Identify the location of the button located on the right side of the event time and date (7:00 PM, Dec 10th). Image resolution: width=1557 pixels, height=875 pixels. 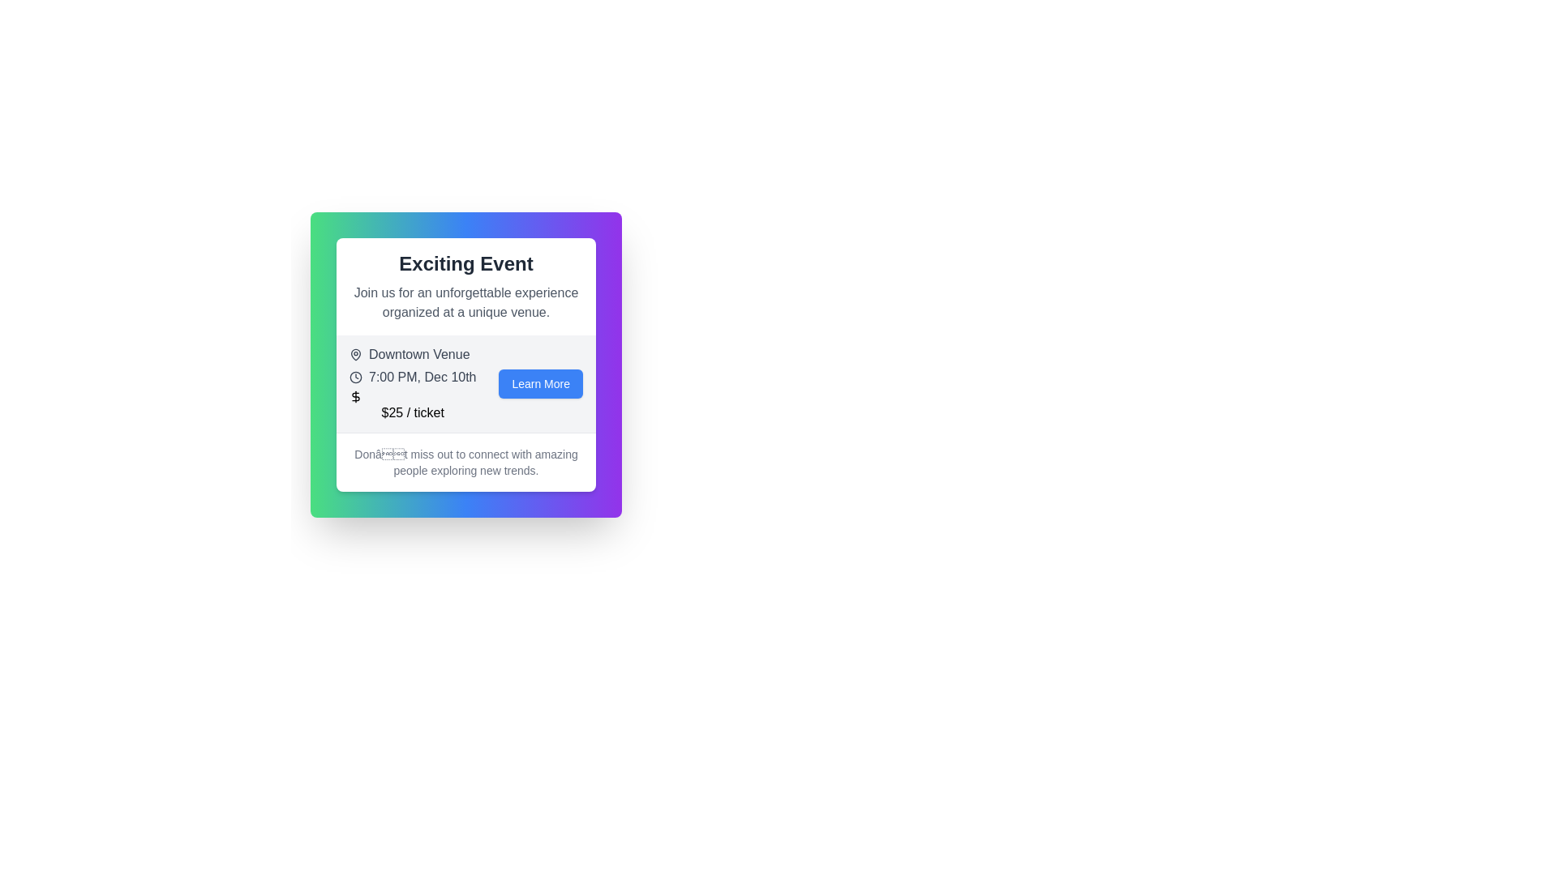
(541, 384).